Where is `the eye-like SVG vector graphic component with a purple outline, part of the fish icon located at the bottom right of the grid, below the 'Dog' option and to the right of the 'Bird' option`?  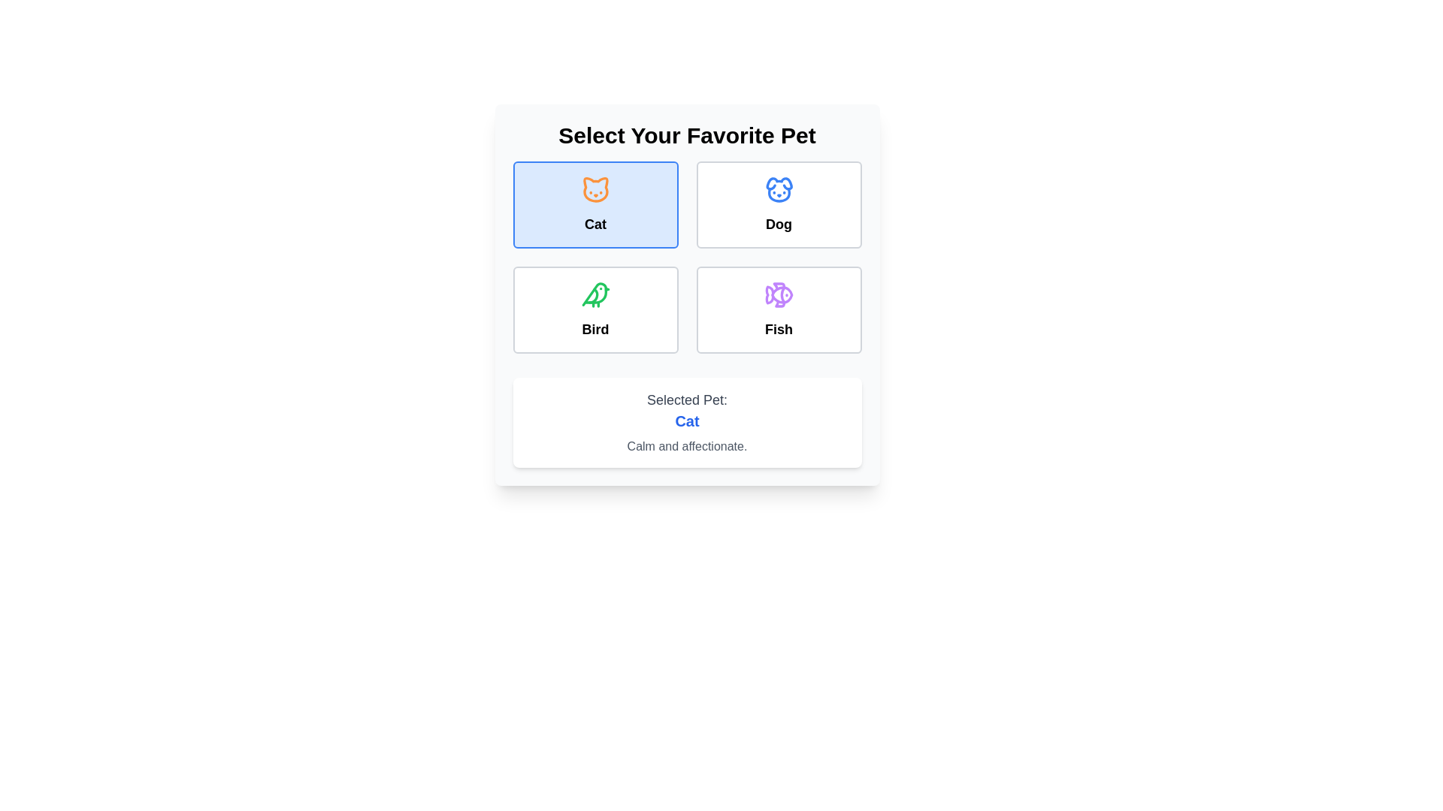
the eye-like SVG vector graphic component with a purple outline, part of the fish icon located at the bottom right of the grid, below the 'Dog' option and to the right of the 'Bird' option is located at coordinates (782, 295).